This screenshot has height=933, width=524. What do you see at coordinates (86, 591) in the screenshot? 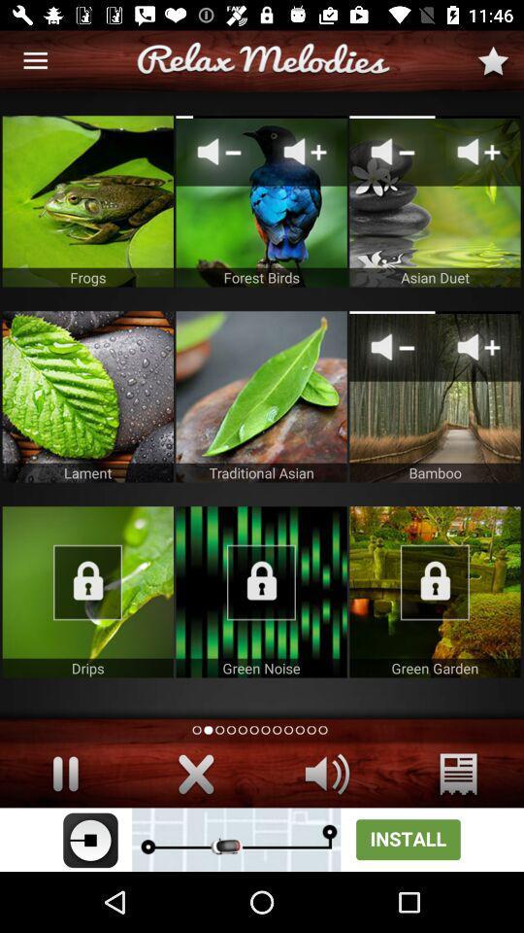
I see `audio file` at bounding box center [86, 591].